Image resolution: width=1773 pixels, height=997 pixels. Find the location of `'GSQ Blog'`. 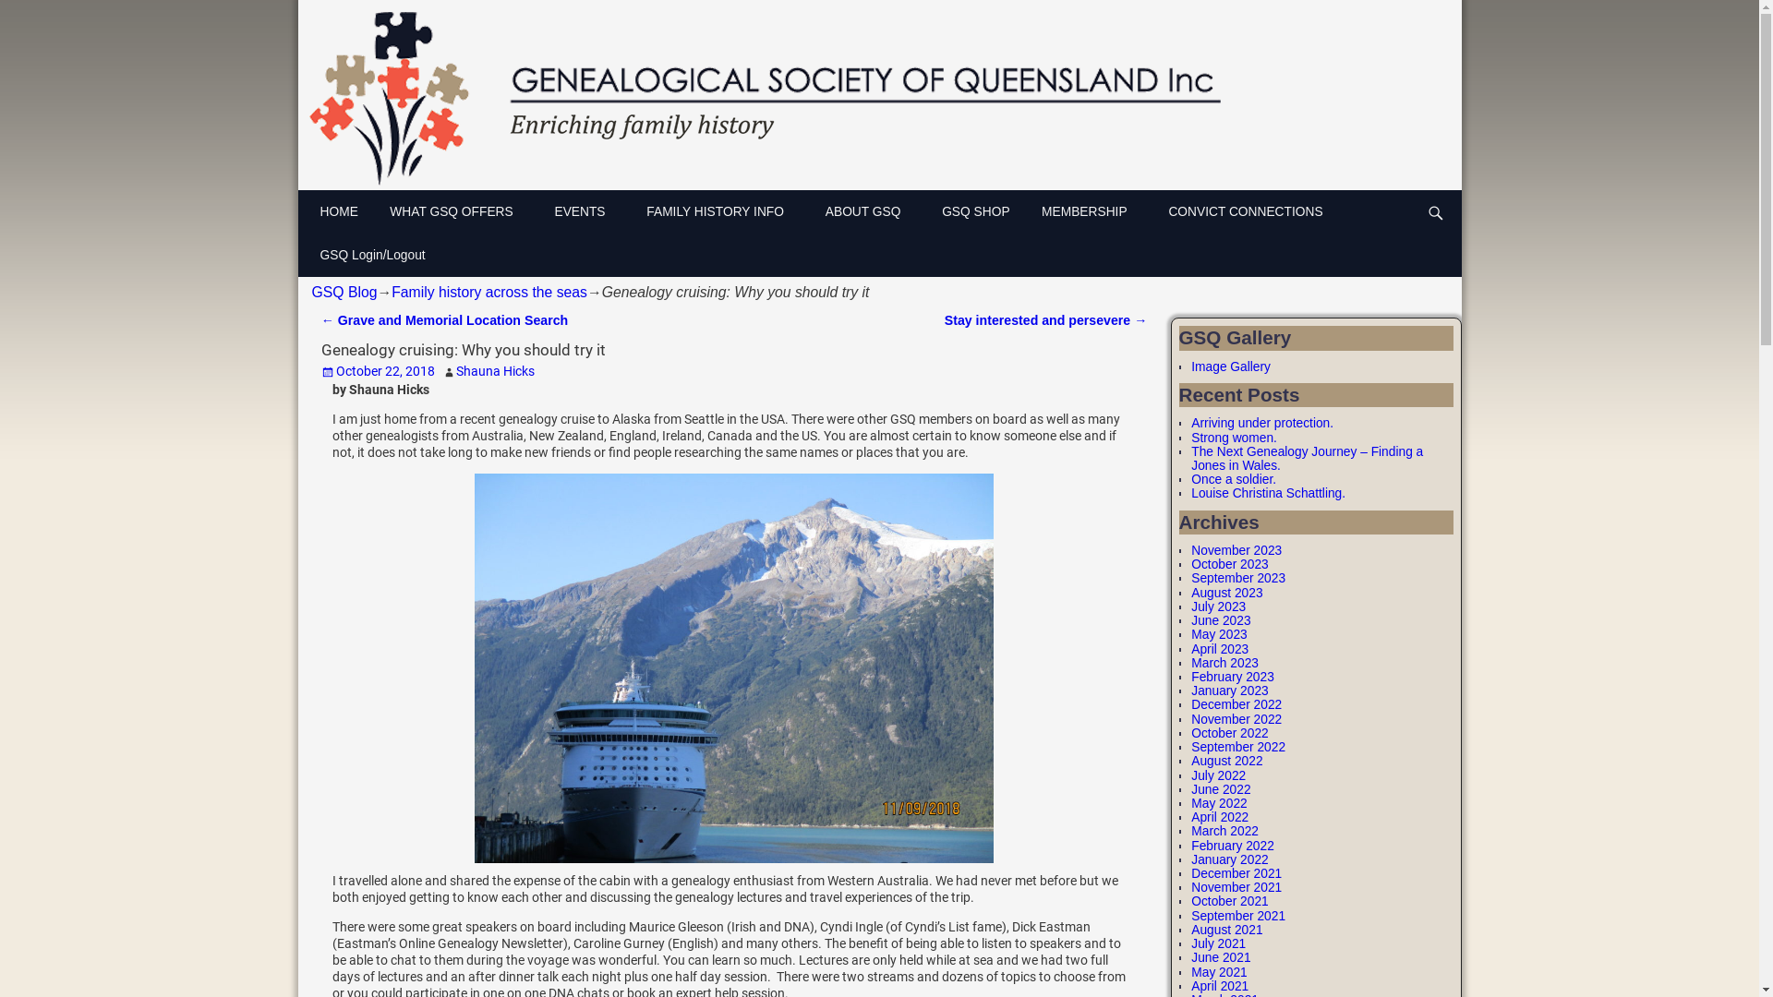

'GSQ Blog' is located at coordinates (344, 291).